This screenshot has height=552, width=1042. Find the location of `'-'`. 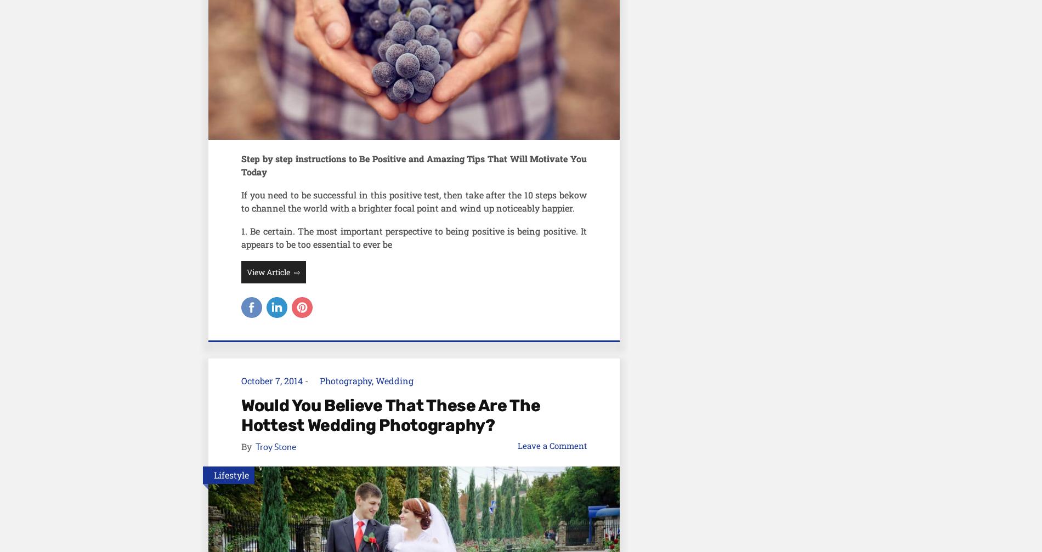

'-' is located at coordinates (306, 379).